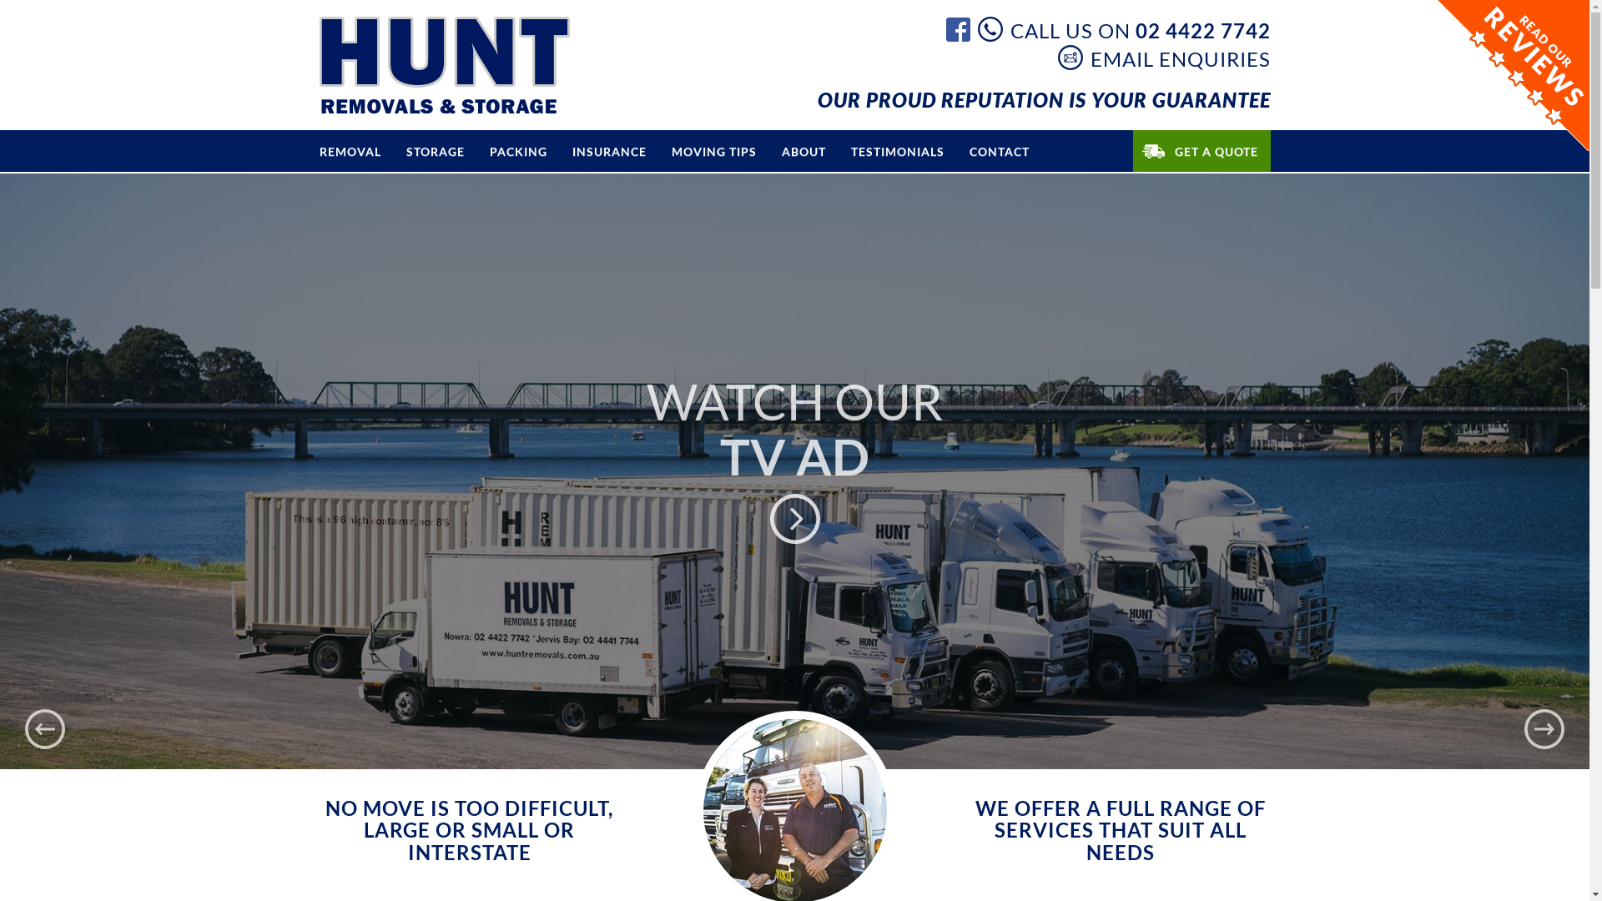  Describe the element at coordinates (1201, 151) in the screenshot. I see `'GET A QUOTE'` at that location.